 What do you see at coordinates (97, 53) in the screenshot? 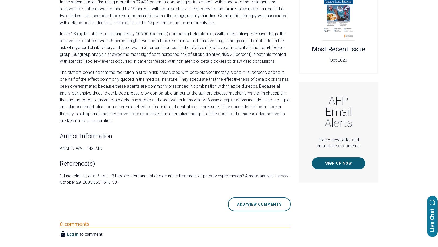
I see `'Continue Reading'` at bounding box center [97, 53].